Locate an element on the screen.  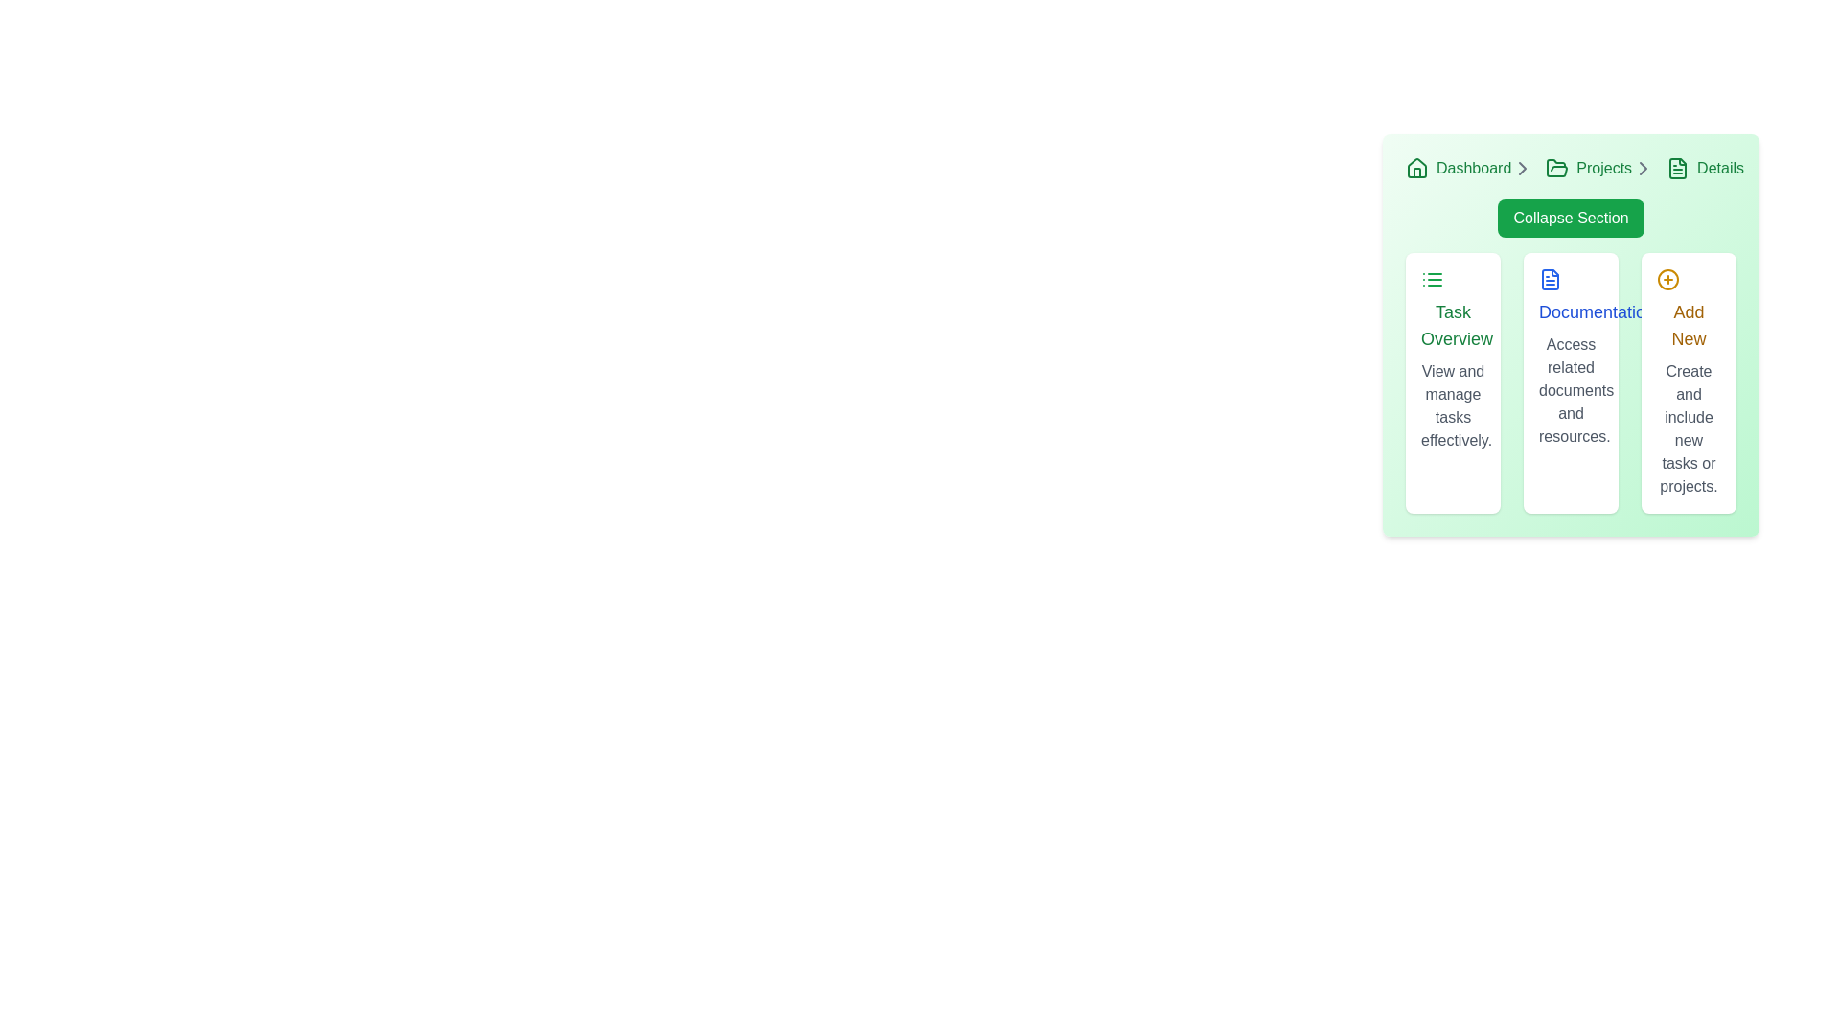
the text-based navigation link located in the top-left portion of the interface, next to the home icon is located at coordinates (1473, 168).